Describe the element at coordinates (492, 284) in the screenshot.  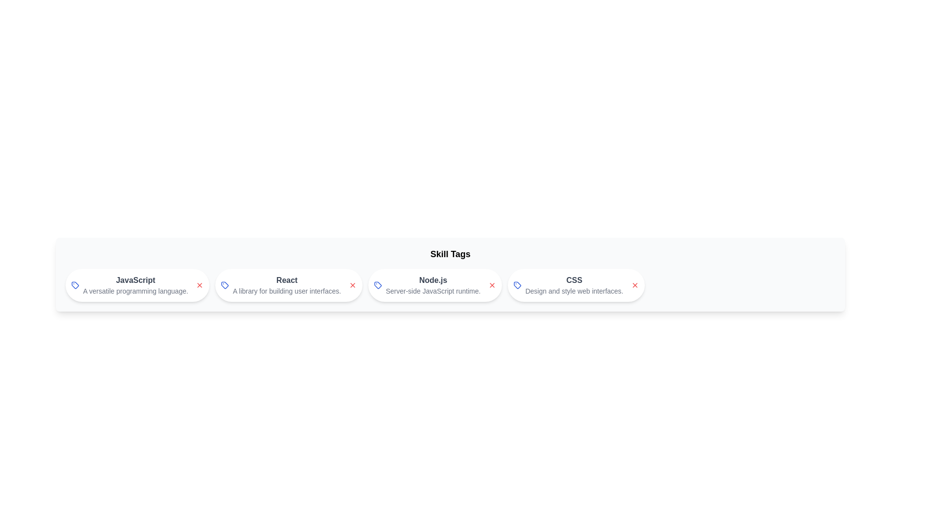
I see `close button of the skill chip labeled Node.js` at that location.